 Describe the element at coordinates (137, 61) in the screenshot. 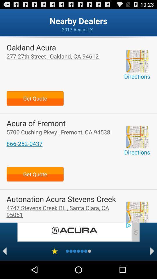

I see `open map` at that location.